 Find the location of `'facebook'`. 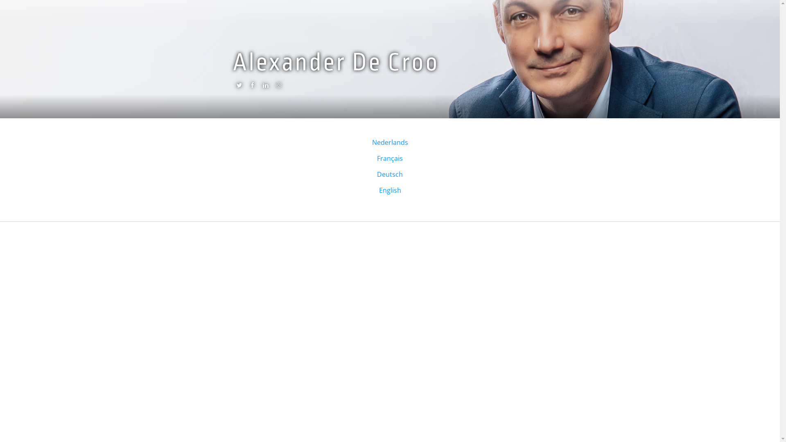

'facebook' is located at coordinates (251, 87).